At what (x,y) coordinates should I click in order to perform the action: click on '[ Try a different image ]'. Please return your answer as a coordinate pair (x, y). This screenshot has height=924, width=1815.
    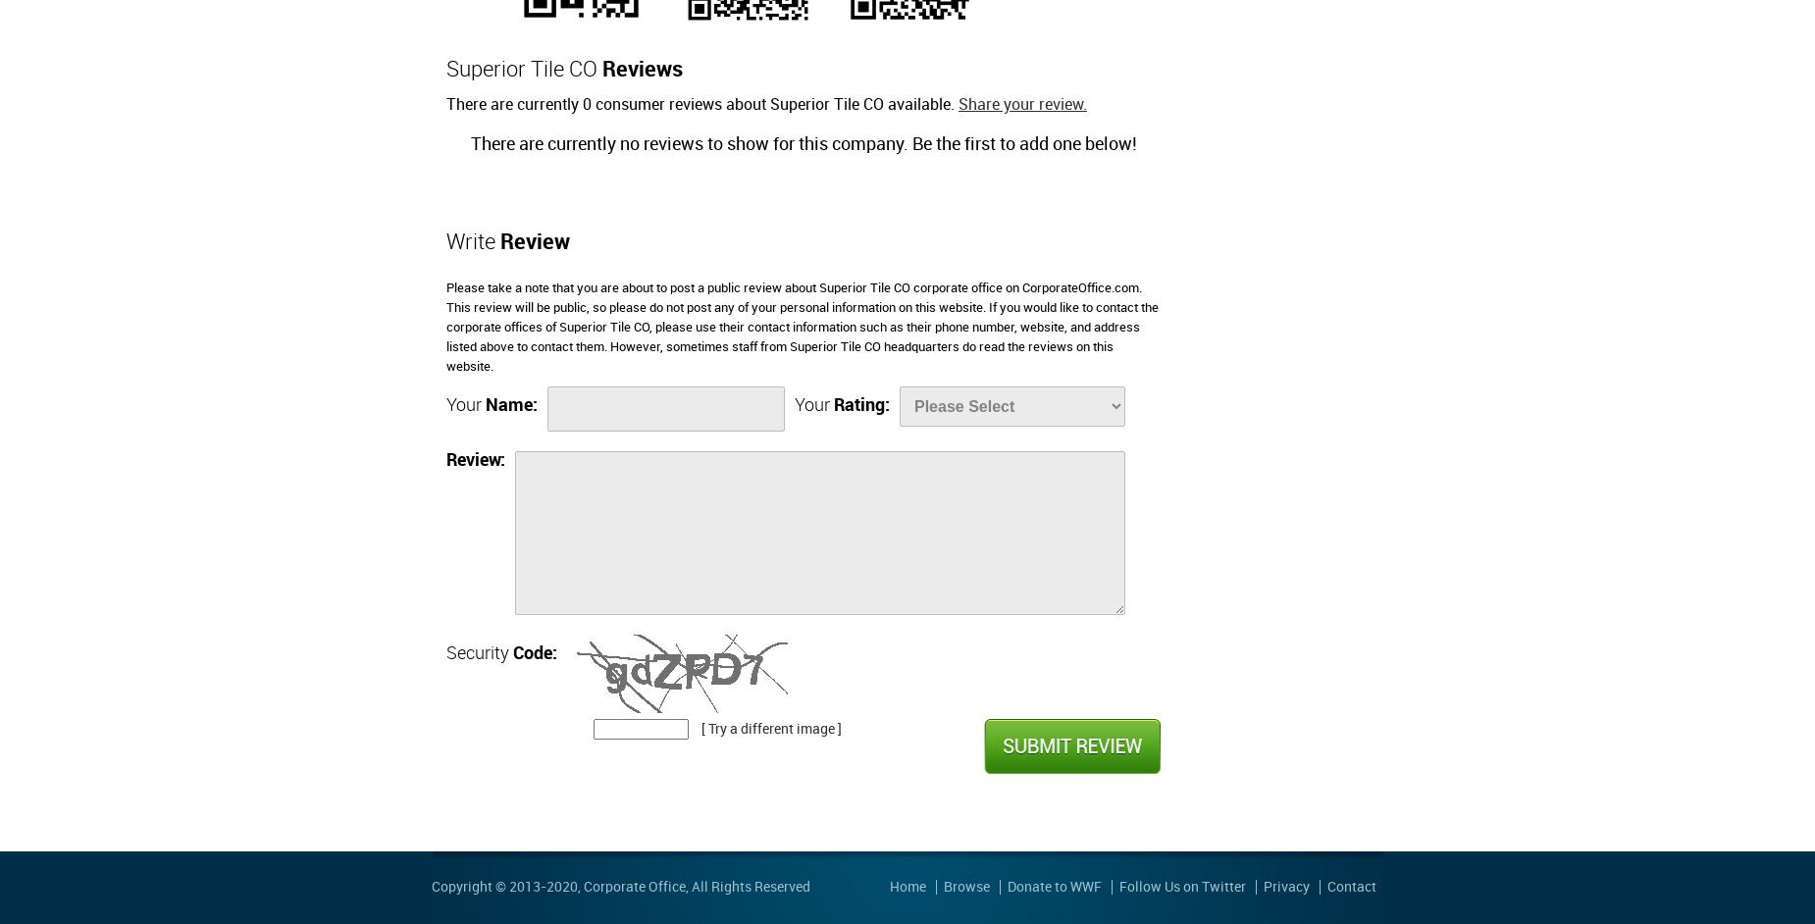
    Looking at the image, I should click on (771, 728).